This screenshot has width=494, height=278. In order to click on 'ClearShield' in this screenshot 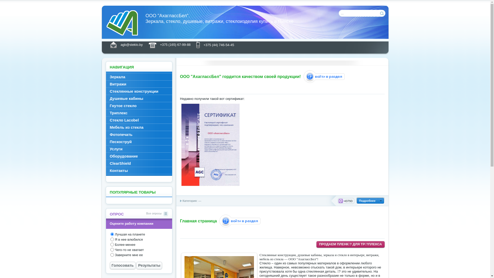, I will do `click(139, 163)`.